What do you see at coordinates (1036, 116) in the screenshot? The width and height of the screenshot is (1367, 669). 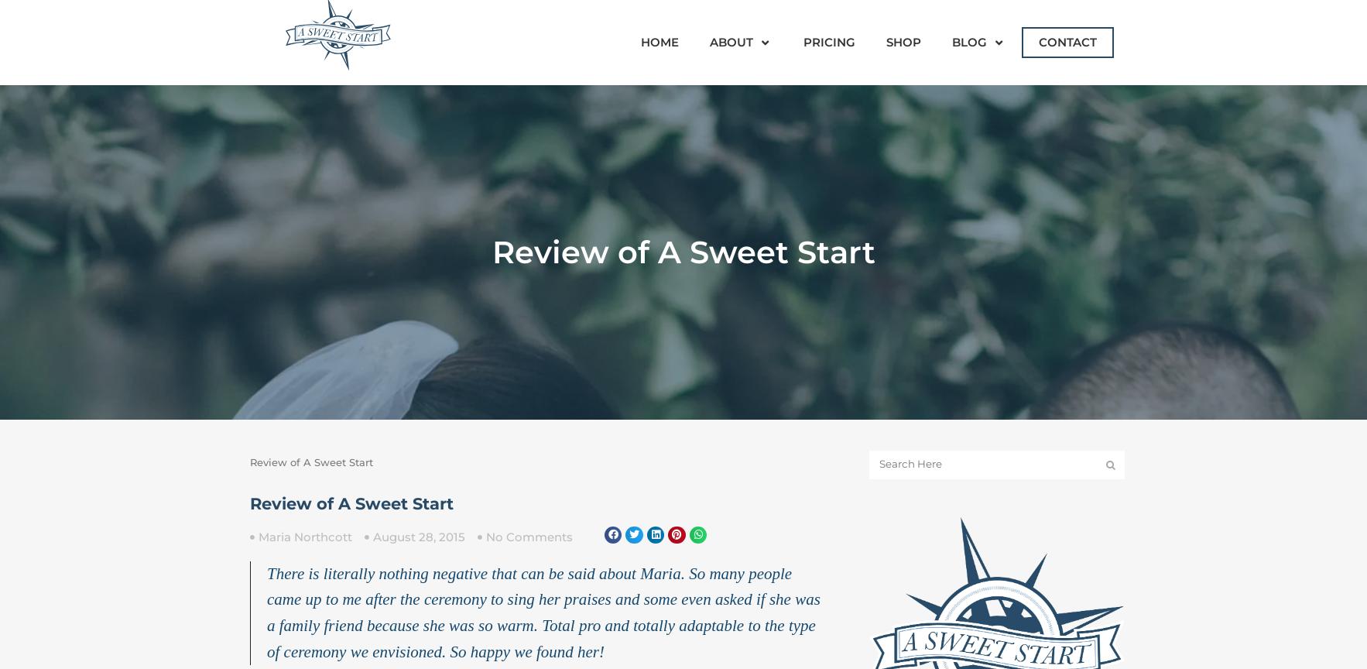 I see `'Maine Wedding Vendors'` at bounding box center [1036, 116].